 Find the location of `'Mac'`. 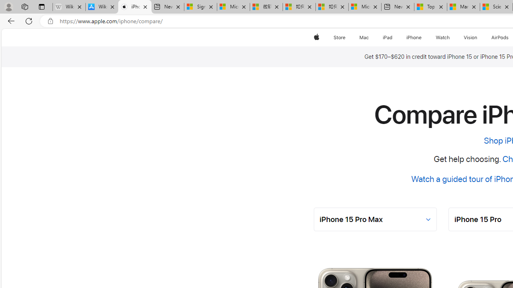

'Mac' is located at coordinates (364, 37).